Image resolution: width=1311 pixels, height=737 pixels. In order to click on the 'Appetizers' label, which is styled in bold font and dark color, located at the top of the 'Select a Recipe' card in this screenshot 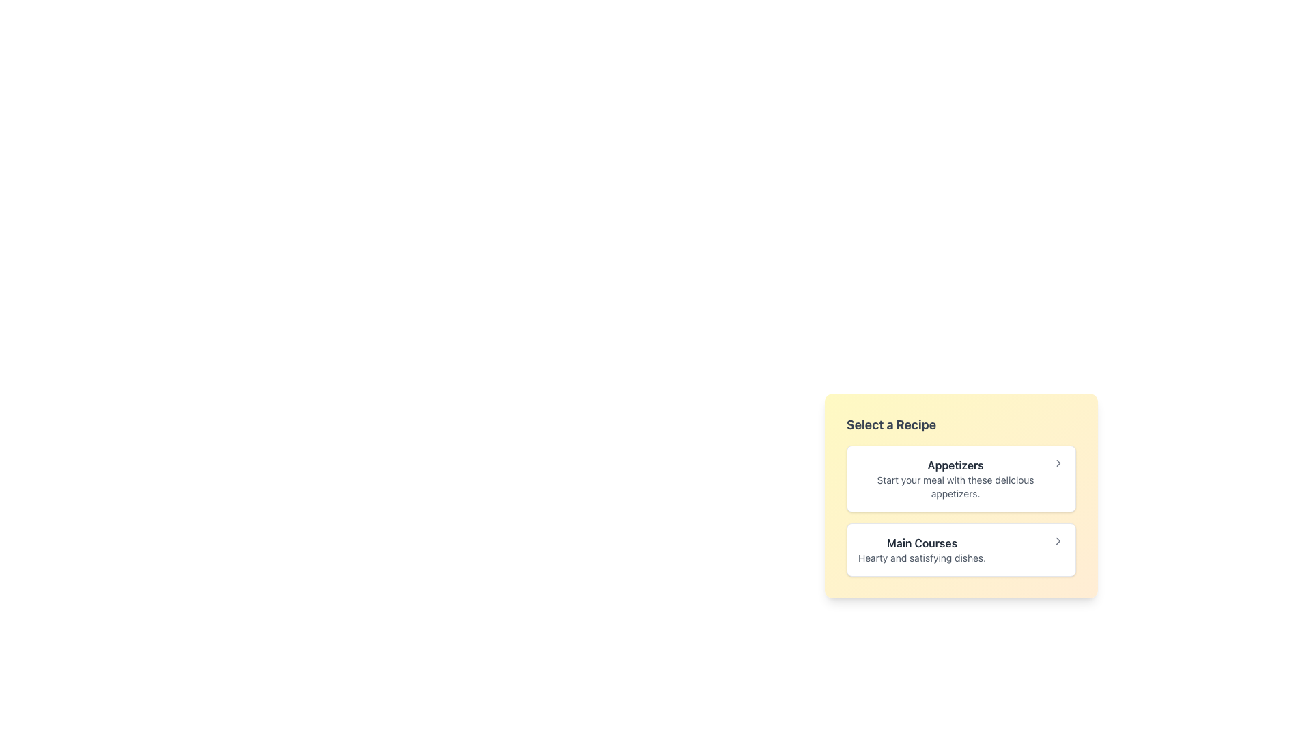, I will do `click(955, 465)`.